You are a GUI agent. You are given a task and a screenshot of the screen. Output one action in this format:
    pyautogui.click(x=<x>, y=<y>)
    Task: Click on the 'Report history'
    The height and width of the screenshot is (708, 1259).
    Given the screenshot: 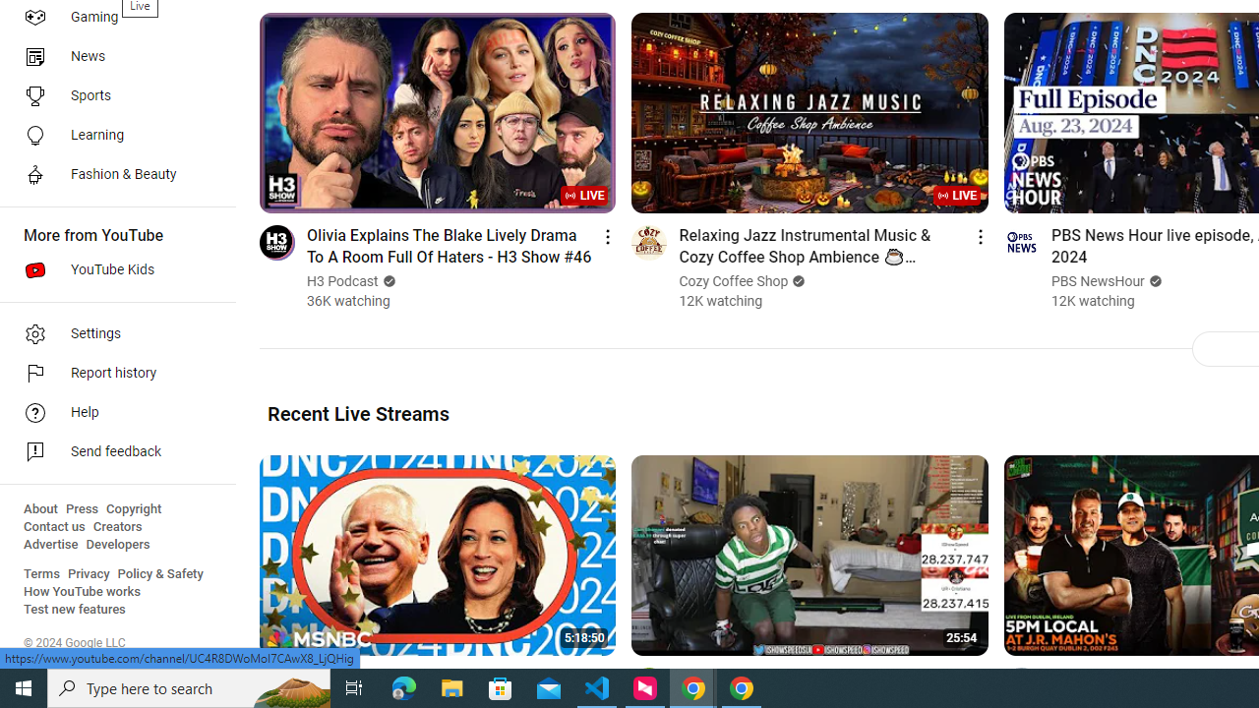 What is the action you would take?
    pyautogui.click(x=110, y=374)
    